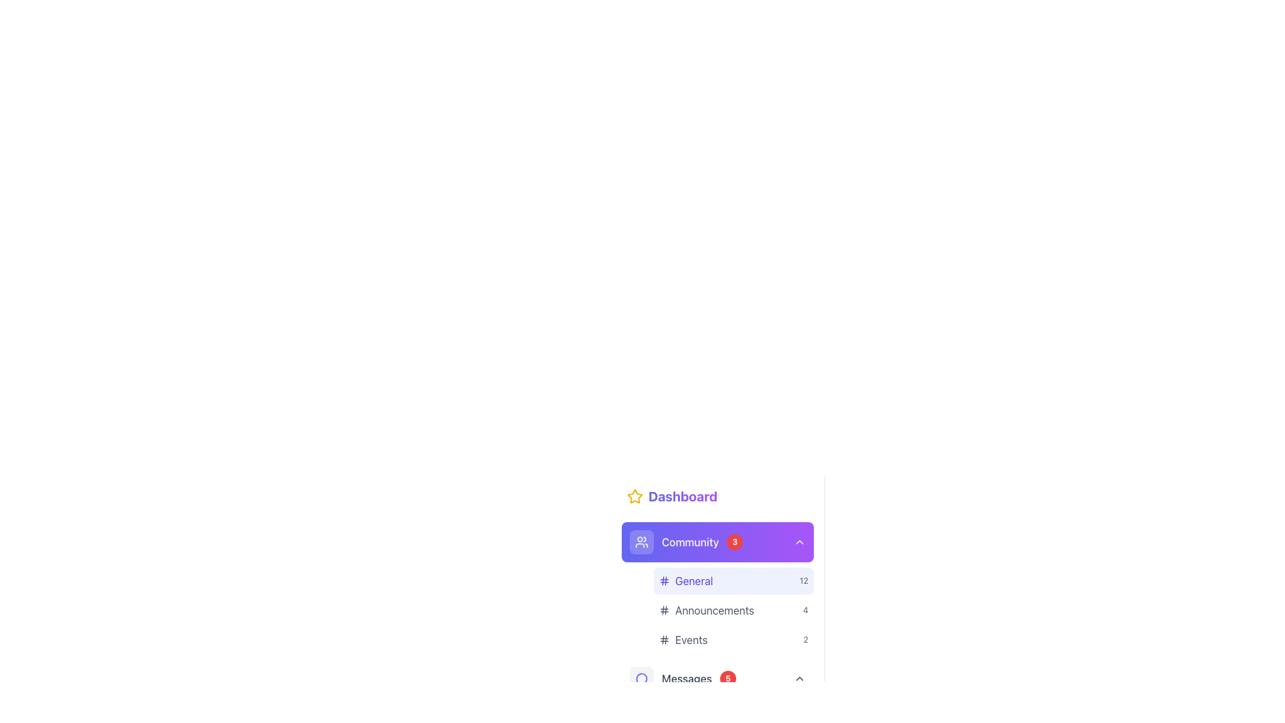 The height and width of the screenshot is (723, 1285). What do you see at coordinates (634, 496) in the screenshot?
I see `the star icon located to the left of the 'Dashboard' text in the sidebar, which serves as a decorative element for visual identification` at bounding box center [634, 496].